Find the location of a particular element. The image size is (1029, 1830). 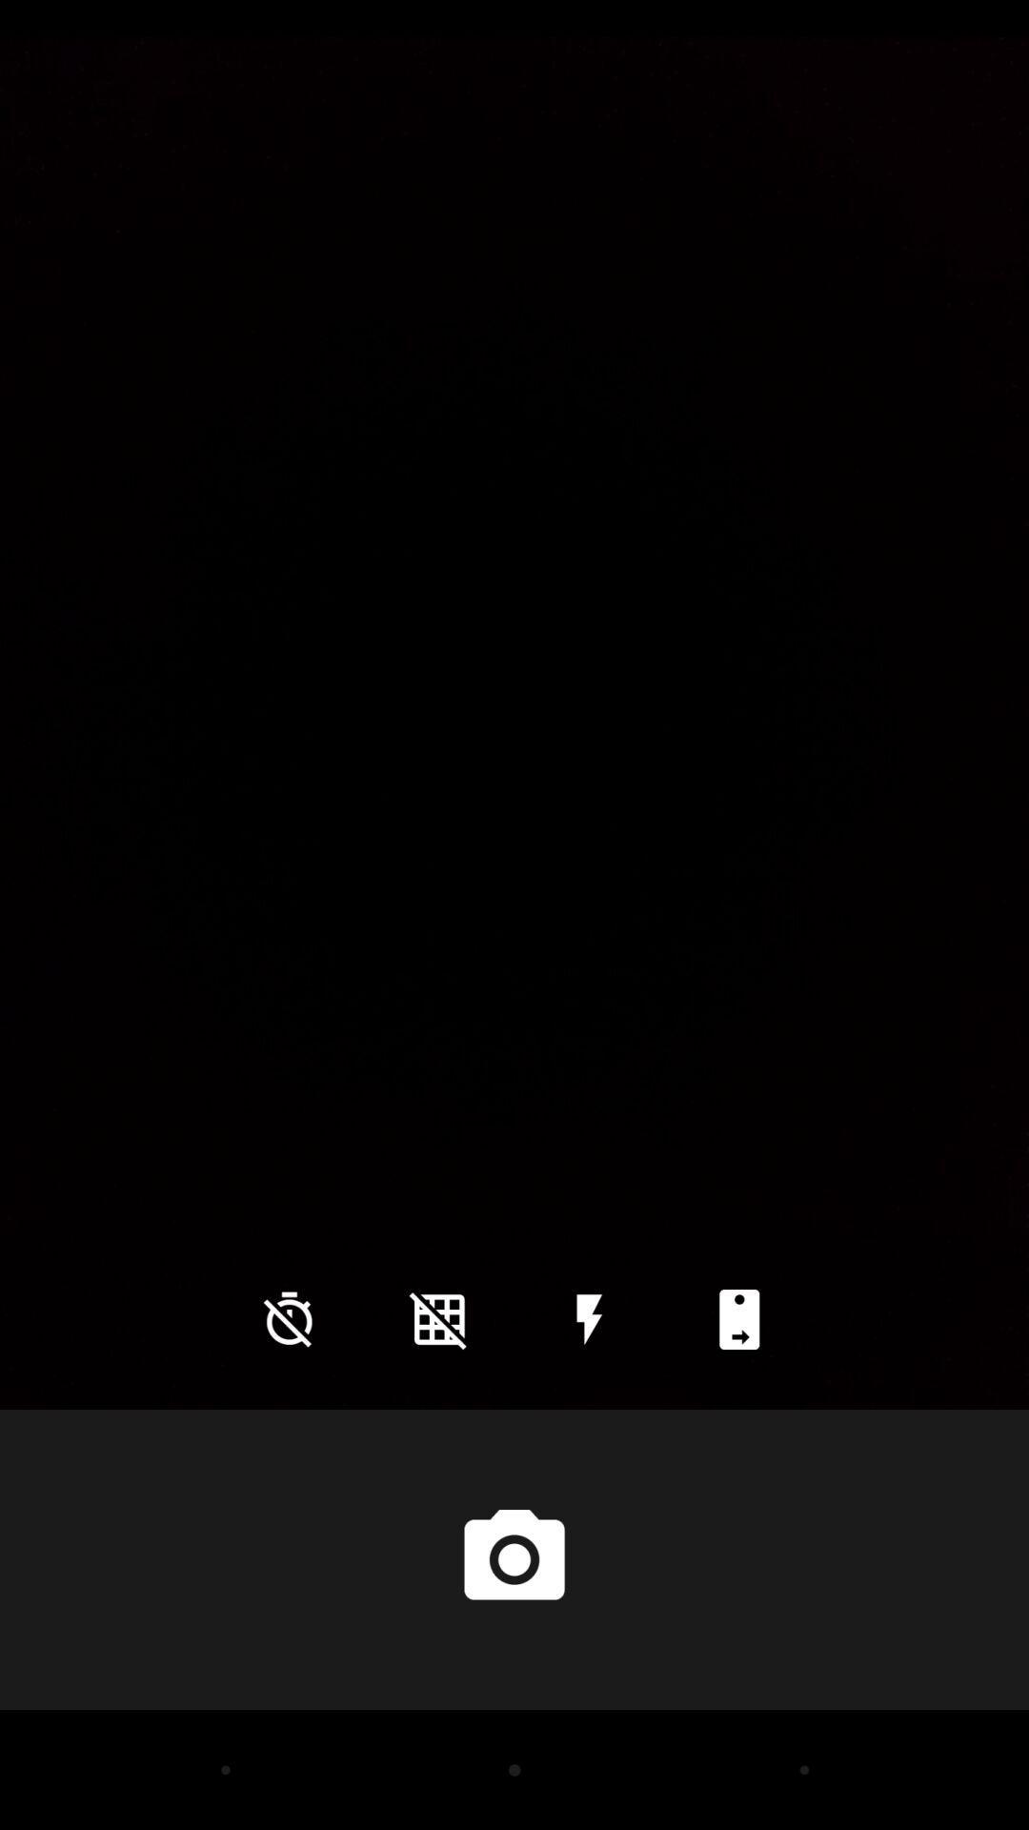

the item at the bottom left corner is located at coordinates (289, 1318).